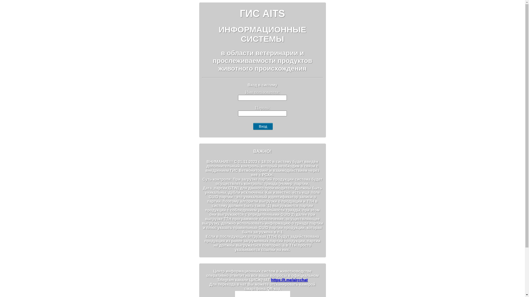  What do you see at coordinates (289, 280) in the screenshot?
I see `'https://t.me/aircchat'` at bounding box center [289, 280].